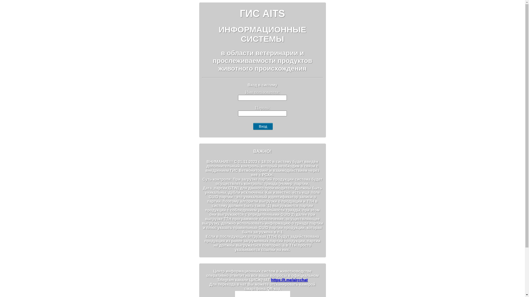  What do you see at coordinates (289, 280) in the screenshot?
I see `'https://t.me/aircchat'` at bounding box center [289, 280].